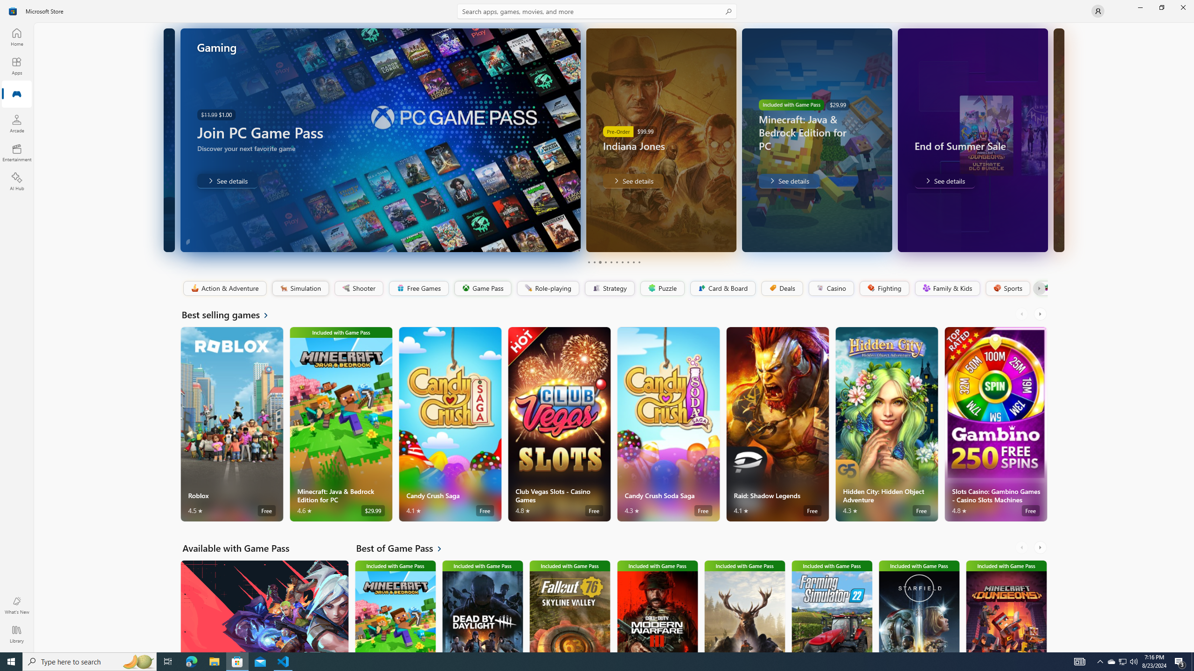 This screenshot has height=671, width=1194. What do you see at coordinates (230, 314) in the screenshot?
I see `'See all  Best selling games'` at bounding box center [230, 314].